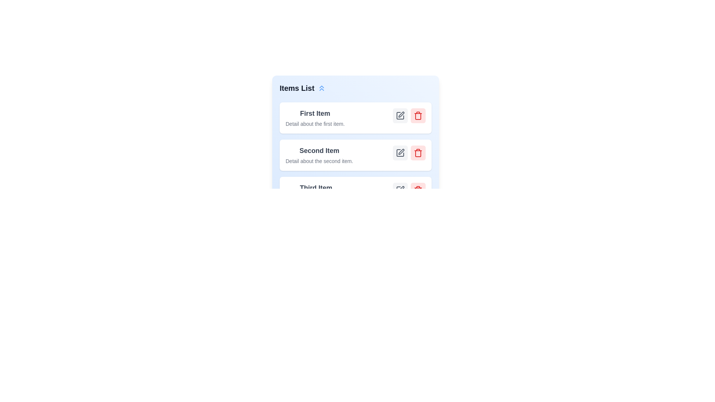 This screenshot has width=715, height=402. I want to click on the description of the first item for better visibility, so click(315, 123).